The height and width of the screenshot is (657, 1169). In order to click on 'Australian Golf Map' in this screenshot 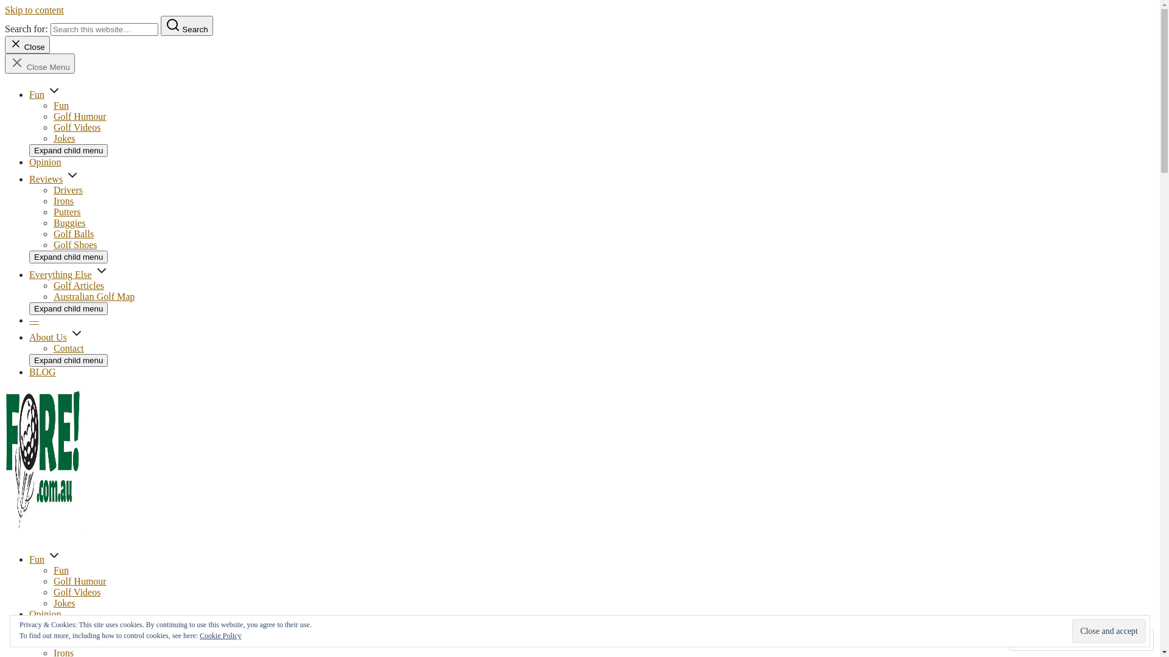, I will do `click(52, 296)`.